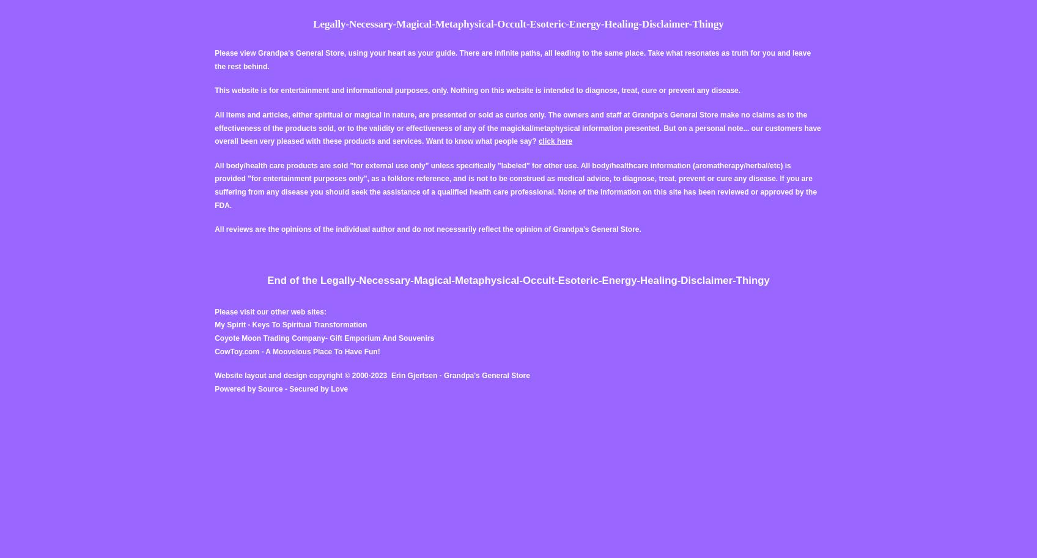 Image resolution: width=1037 pixels, height=558 pixels. What do you see at coordinates (517, 23) in the screenshot?
I see `'Legally-Necessary-Magical-Metaphysical-Occult-Esoteric-Energy-Healing-Disclaimer-Thingy'` at bounding box center [517, 23].